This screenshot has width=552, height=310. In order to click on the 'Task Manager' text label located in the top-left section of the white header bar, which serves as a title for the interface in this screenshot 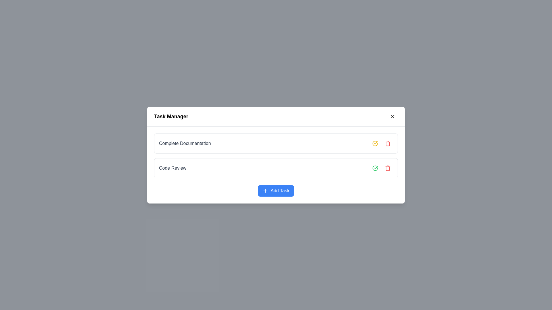, I will do `click(171, 116)`.